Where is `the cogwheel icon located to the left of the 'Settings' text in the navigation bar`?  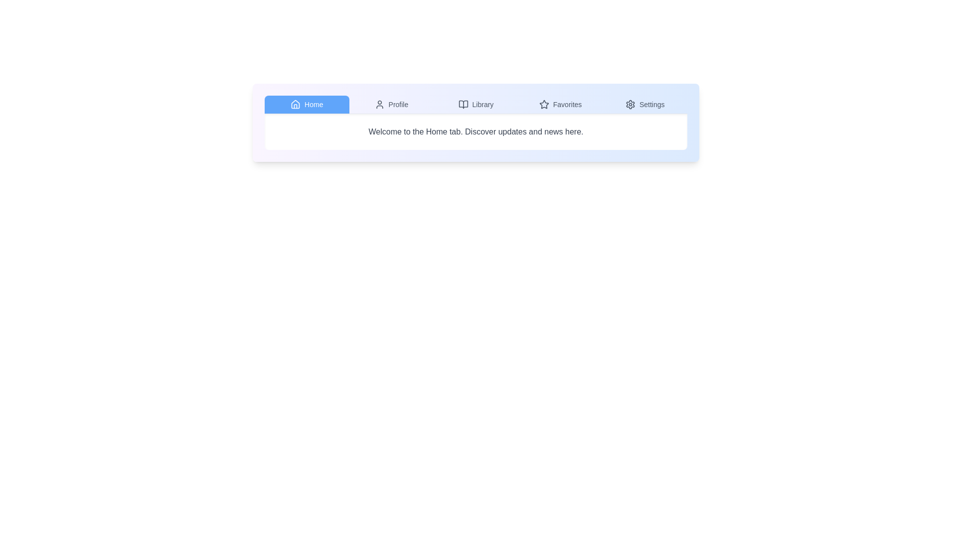
the cogwheel icon located to the left of the 'Settings' text in the navigation bar is located at coordinates (630, 104).